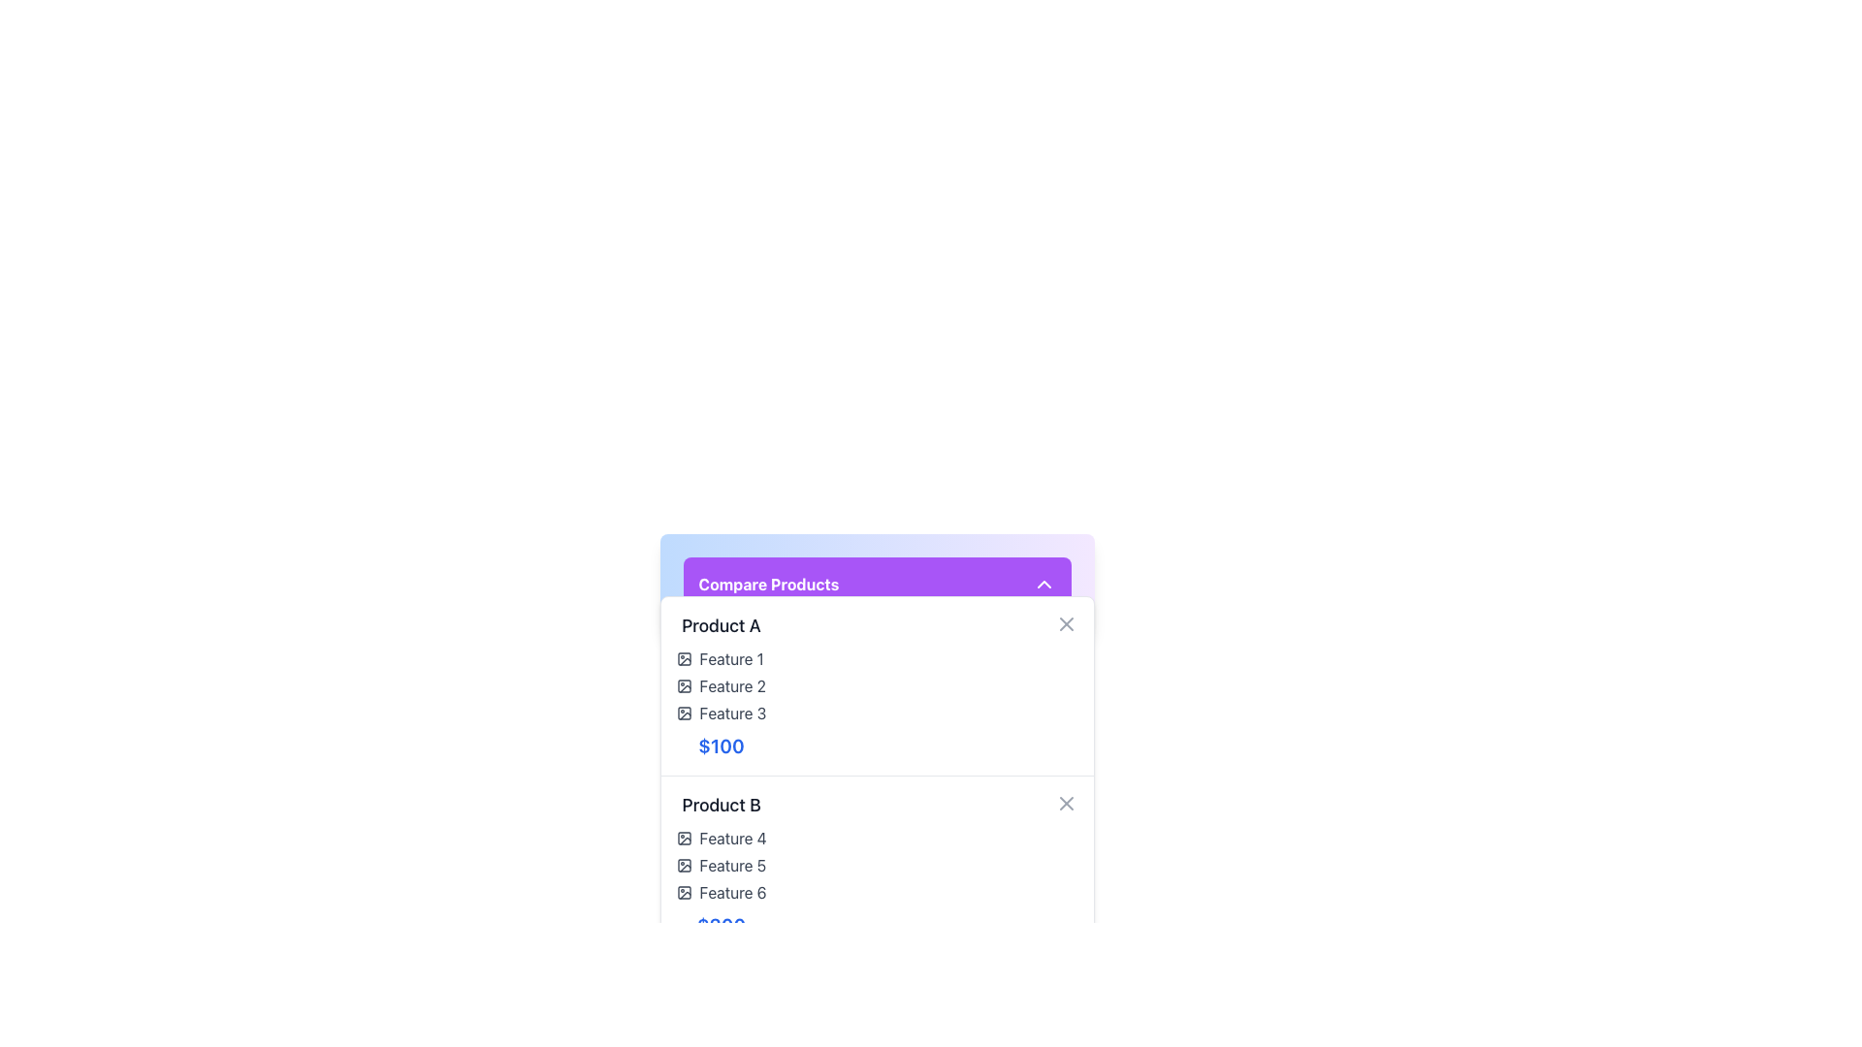 The image size is (1862, 1047). I want to click on the chevron up icon with a thin white outline against a purple background, located at the top-right side of the 'Compare Products' header, so click(1043, 583).